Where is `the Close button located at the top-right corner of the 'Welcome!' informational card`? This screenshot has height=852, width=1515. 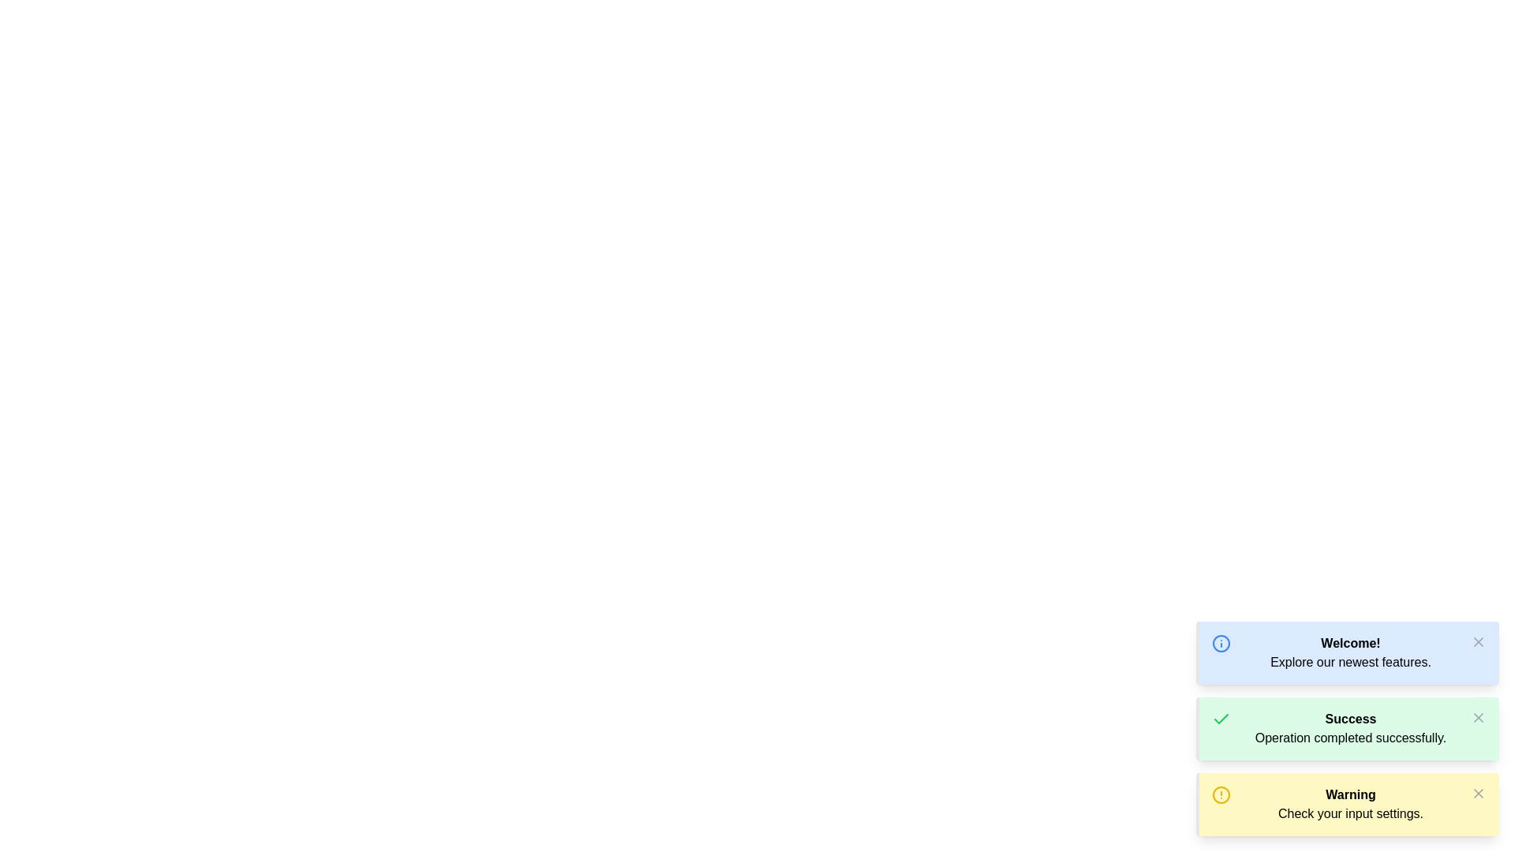
the Close button located at the top-right corner of the 'Welcome!' informational card is located at coordinates (1477, 641).